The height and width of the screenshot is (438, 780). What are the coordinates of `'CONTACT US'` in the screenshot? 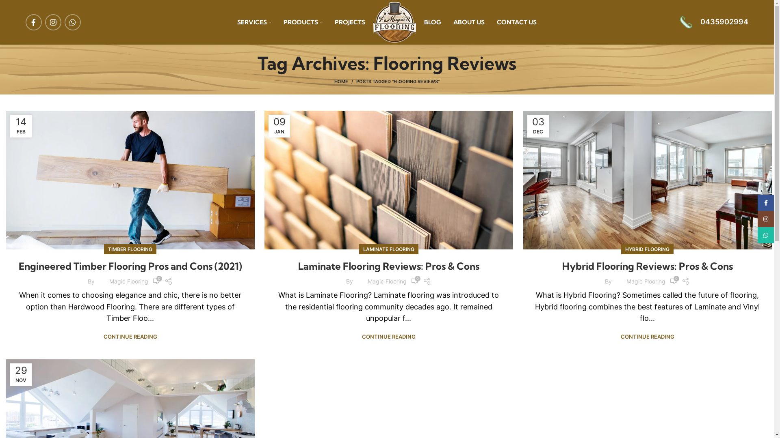 It's located at (516, 21).